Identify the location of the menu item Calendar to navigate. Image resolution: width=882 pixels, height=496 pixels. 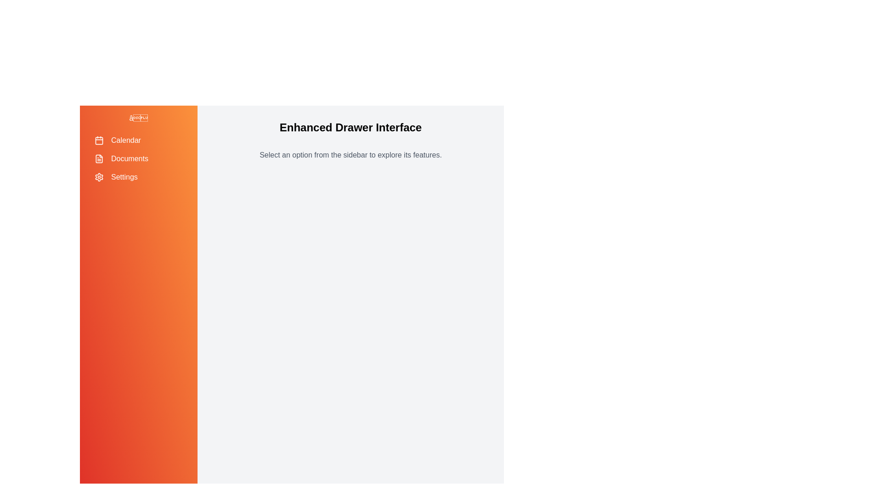
(138, 140).